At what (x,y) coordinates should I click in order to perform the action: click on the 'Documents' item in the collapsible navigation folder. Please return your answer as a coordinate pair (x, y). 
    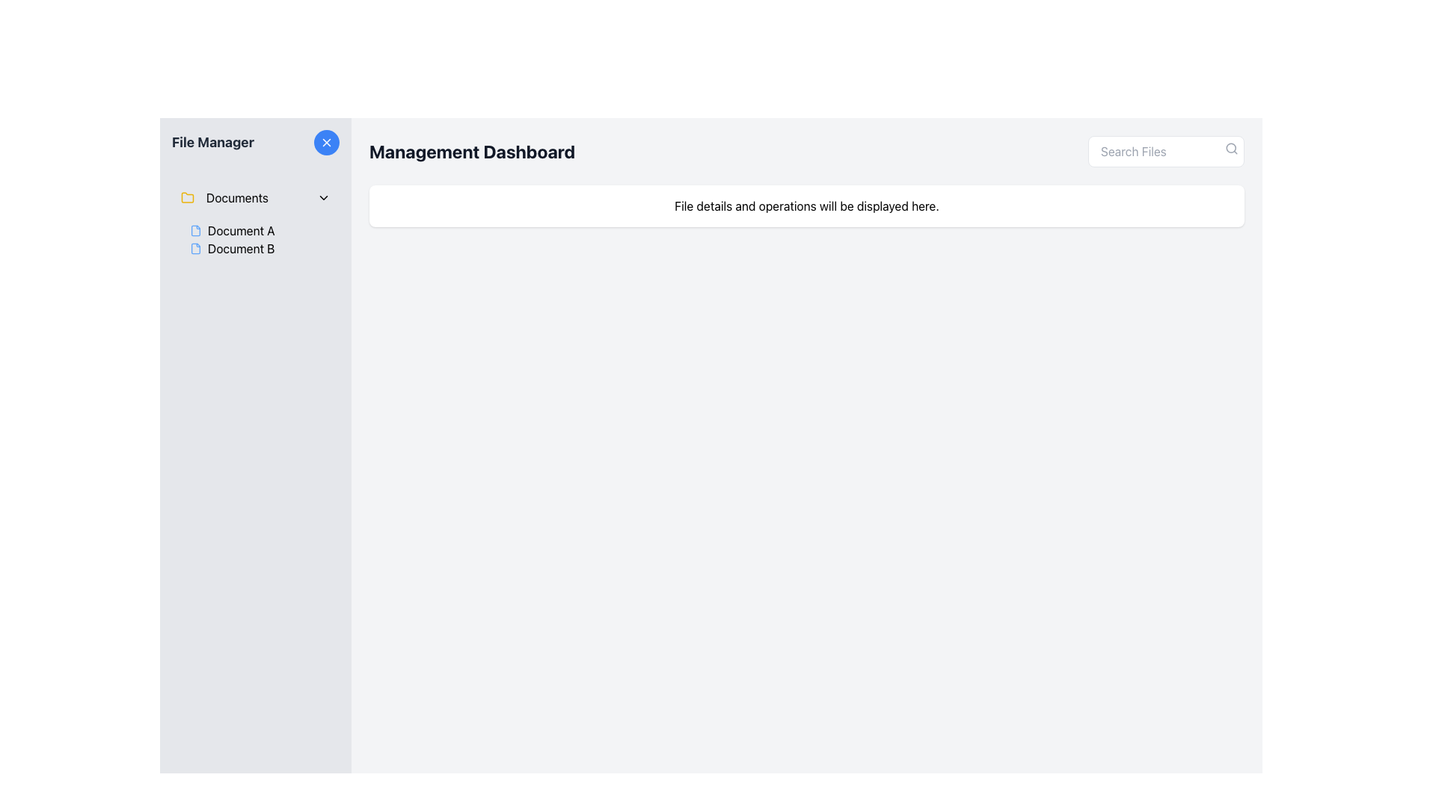
    Looking at the image, I should click on (255, 219).